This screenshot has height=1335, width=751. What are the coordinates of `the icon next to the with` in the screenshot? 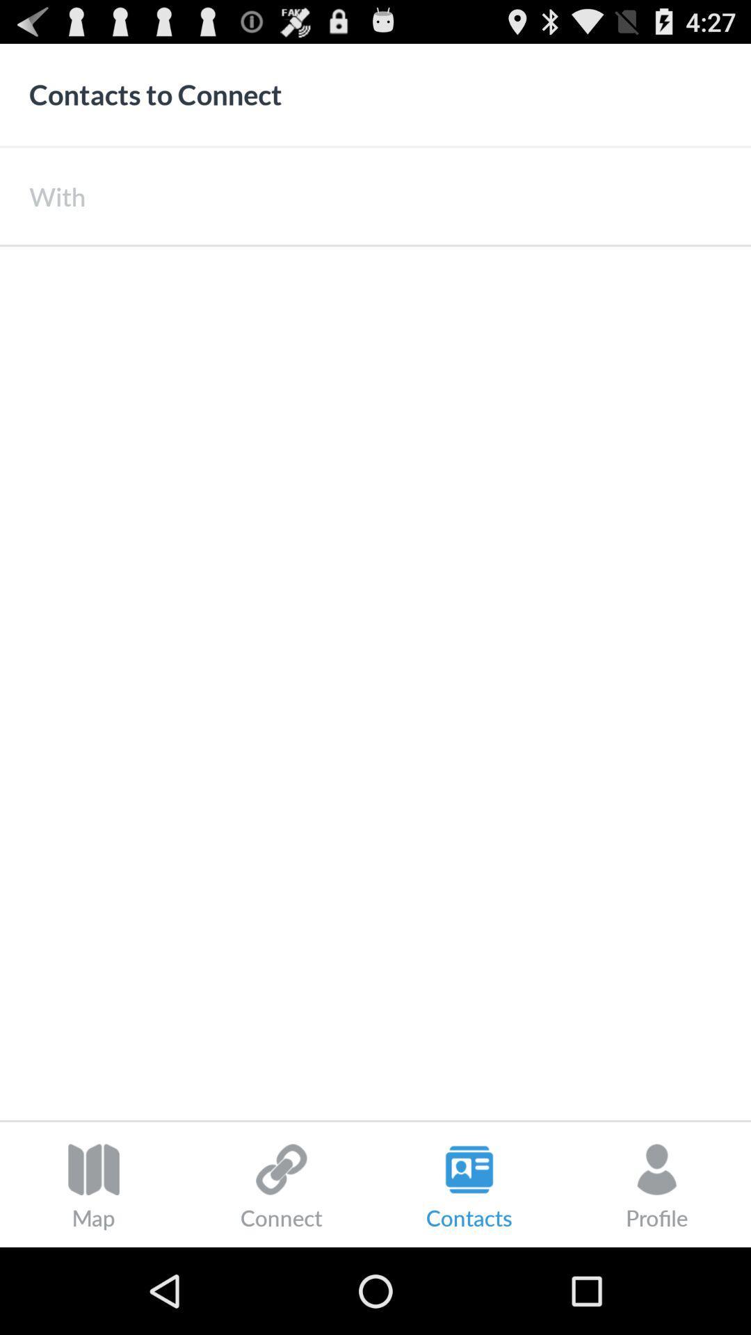 It's located at (417, 195).